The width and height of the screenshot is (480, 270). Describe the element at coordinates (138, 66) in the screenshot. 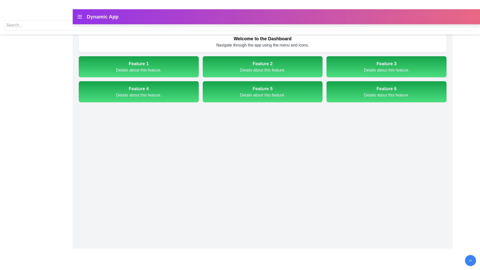

I see `the first Informational card in the grid layout` at that location.